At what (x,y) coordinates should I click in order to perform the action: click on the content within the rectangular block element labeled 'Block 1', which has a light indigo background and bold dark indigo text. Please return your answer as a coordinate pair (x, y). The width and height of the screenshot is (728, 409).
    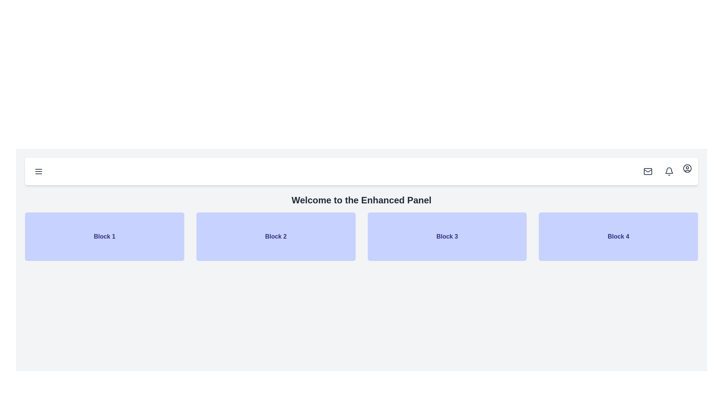
    Looking at the image, I should click on (104, 236).